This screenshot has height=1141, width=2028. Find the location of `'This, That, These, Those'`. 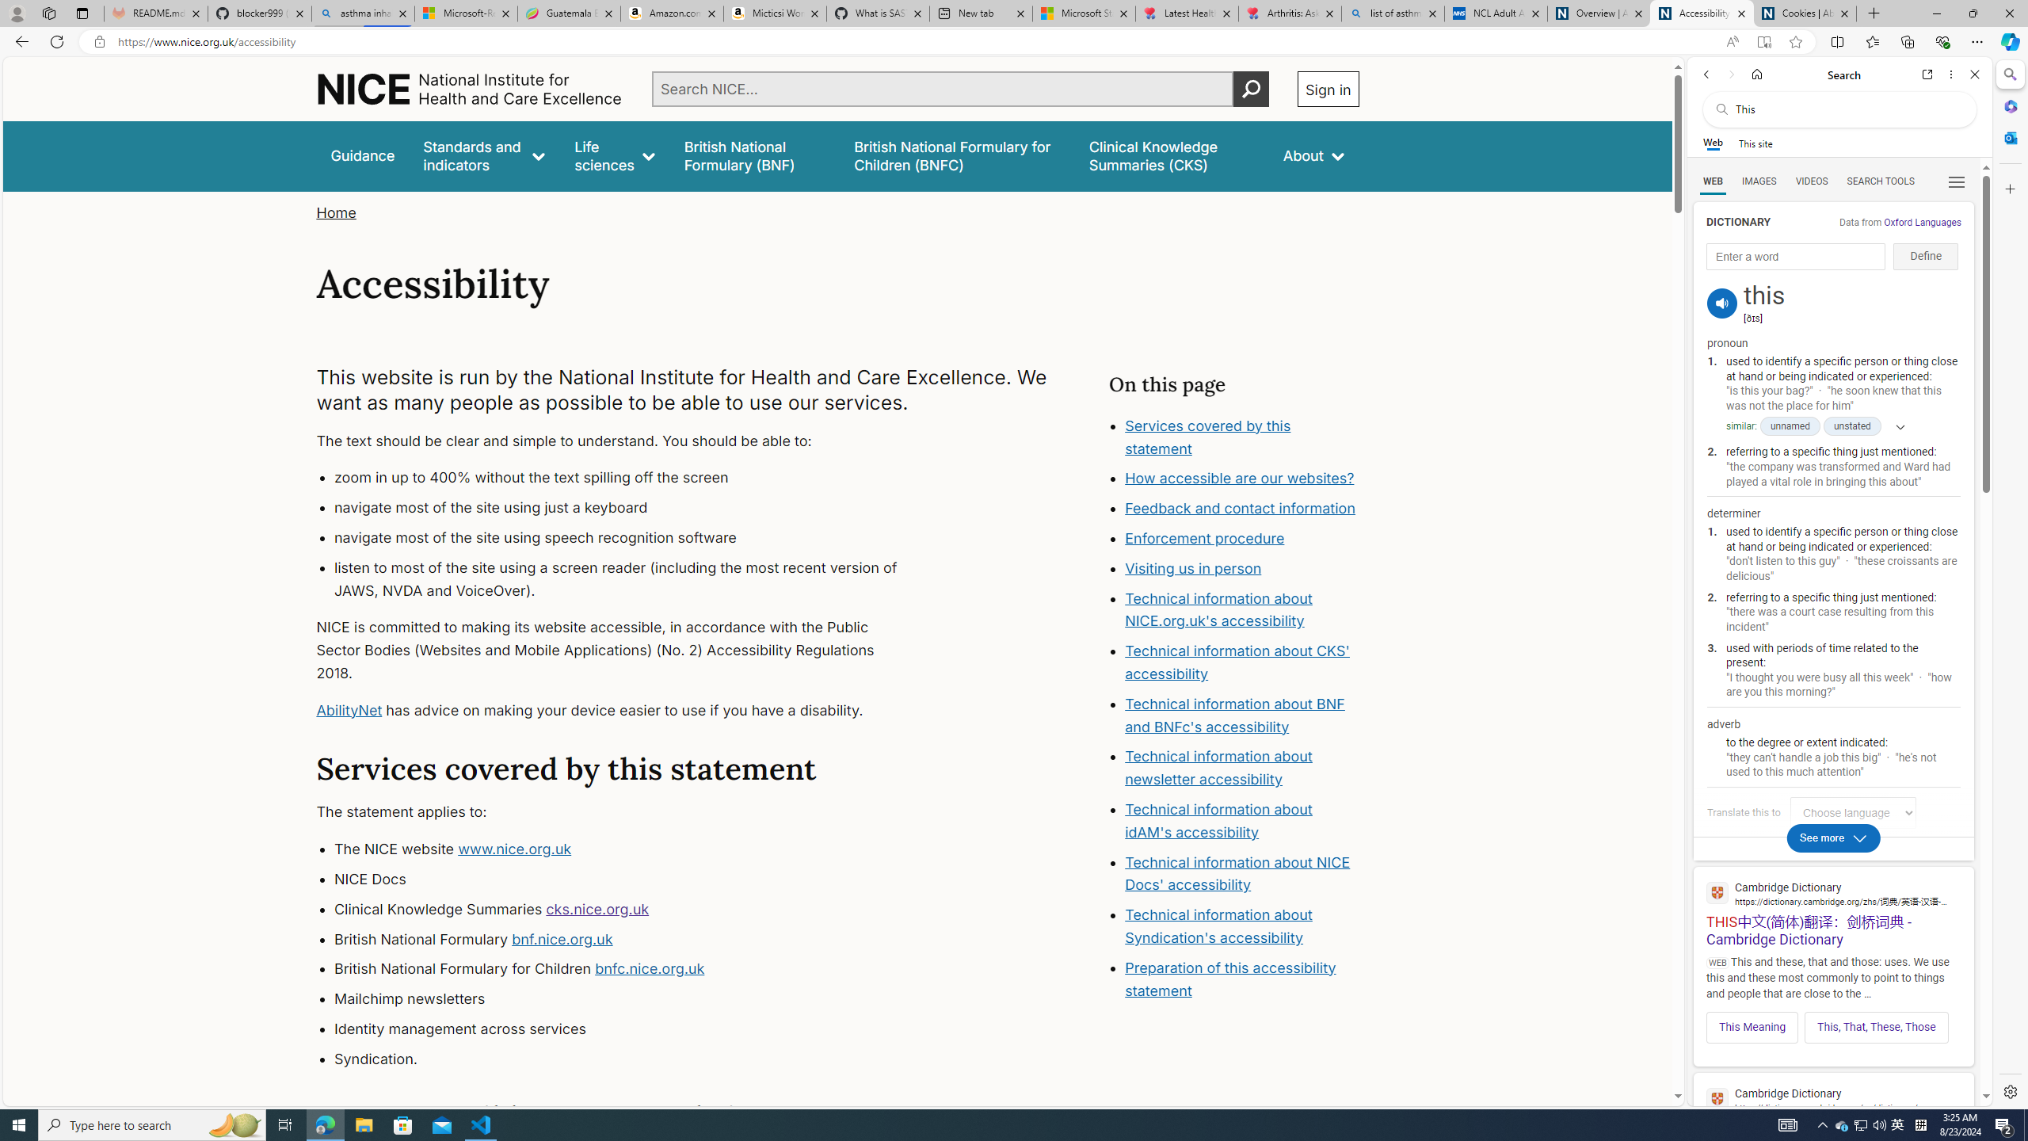

'This, That, These, Those' is located at coordinates (1876, 1026).